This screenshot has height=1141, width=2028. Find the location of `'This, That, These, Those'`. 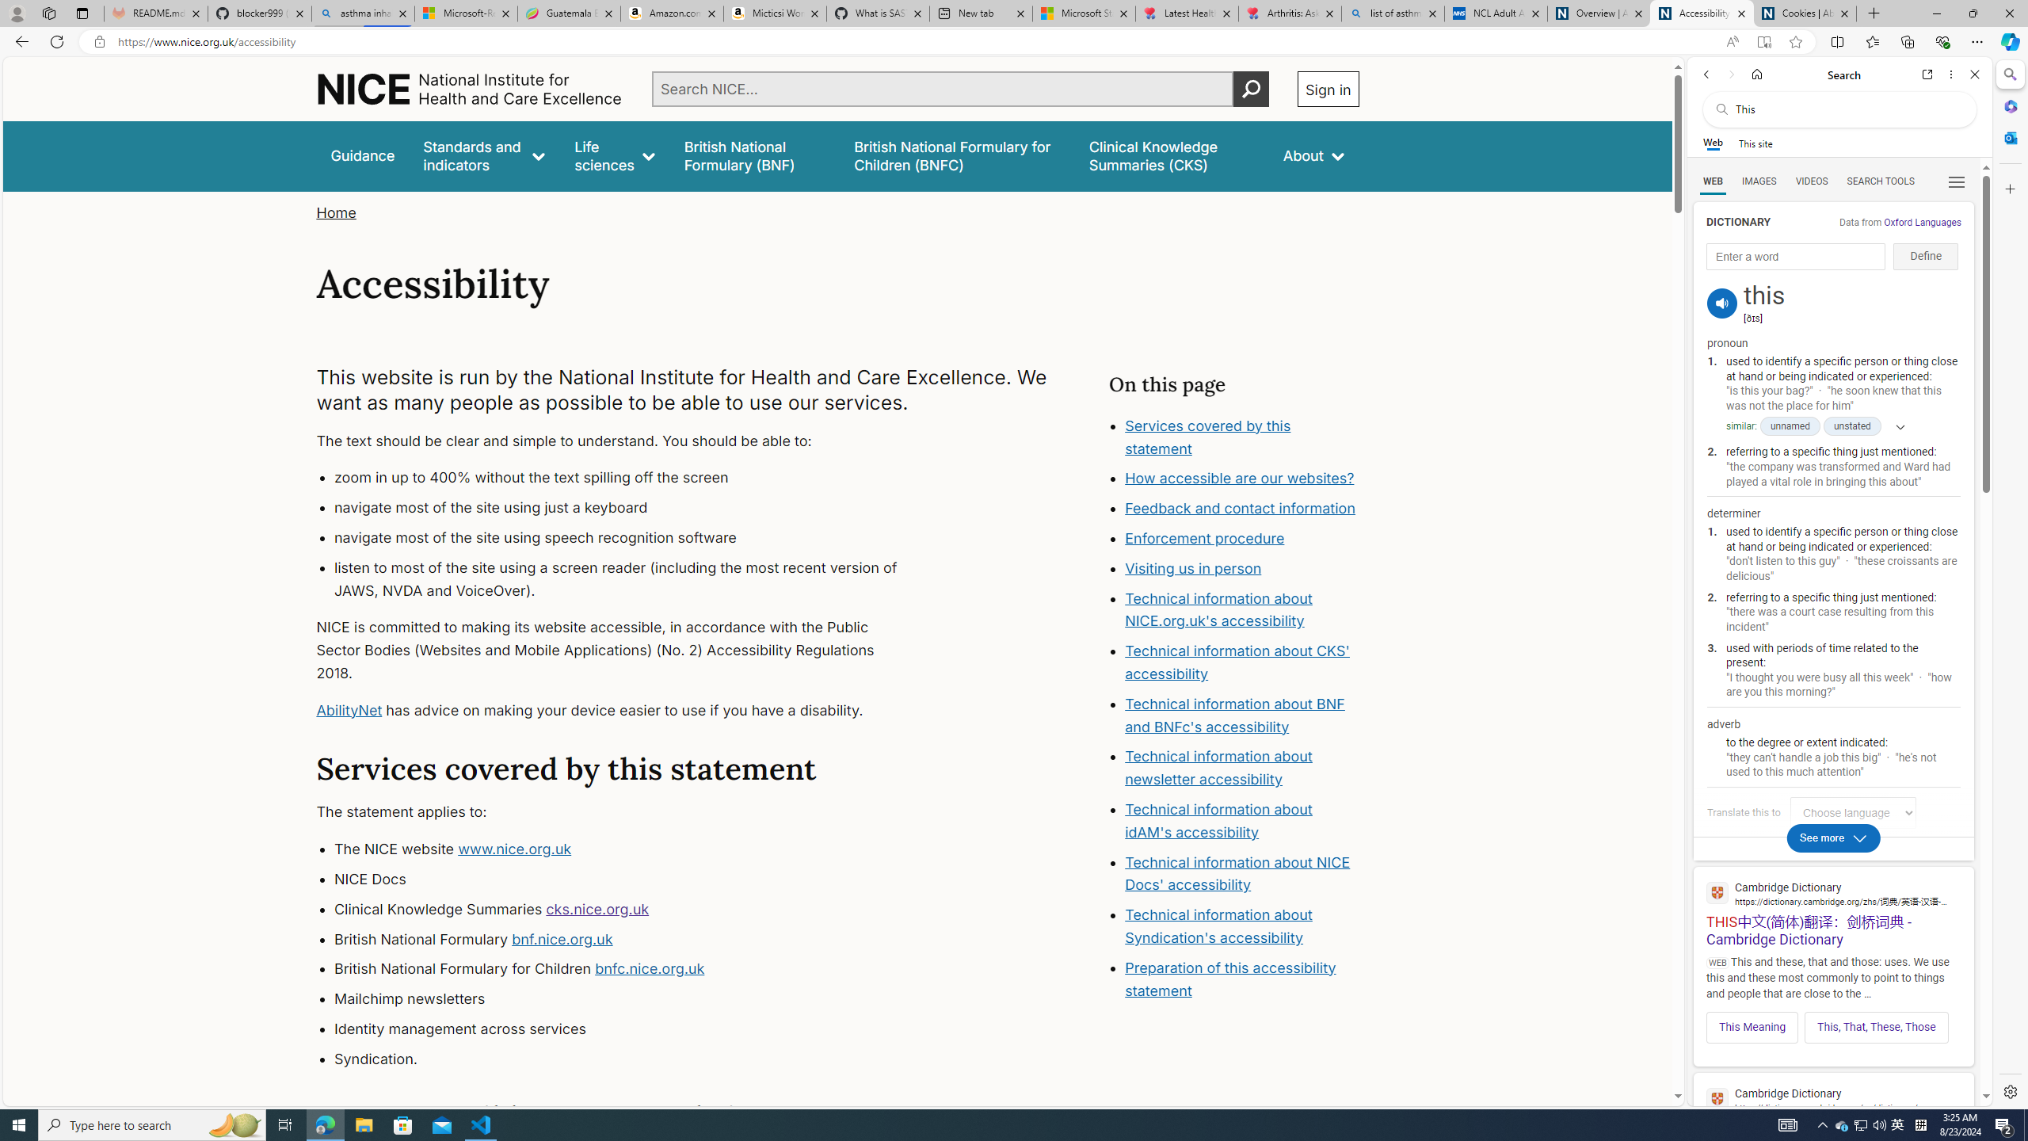

'This, That, These, Those' is located at coordinates (1876, 1026).